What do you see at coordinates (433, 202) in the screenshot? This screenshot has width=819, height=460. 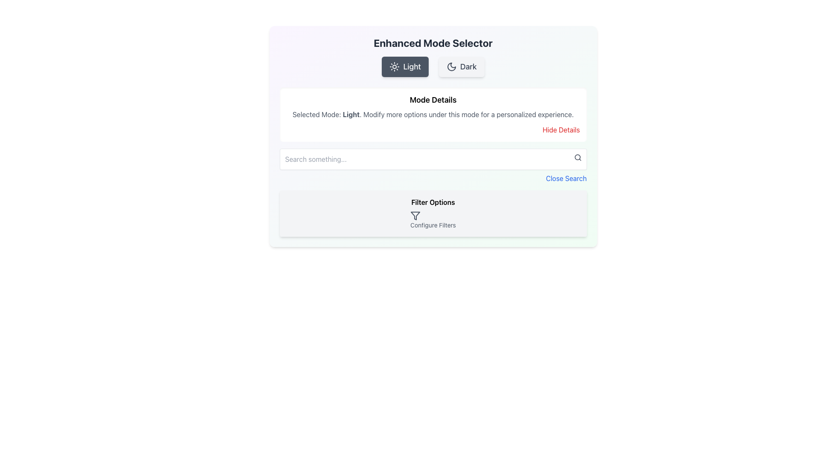 I see `the 'Filter Options' title text label which is located above the 'Configure Filters' link and associated icon in the 'Filter Options Configure Filters' section` at bounding box center [433, 202].